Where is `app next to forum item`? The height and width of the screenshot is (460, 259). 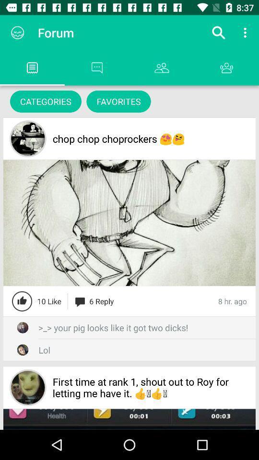
app next to forum item is located at coordinates (17, 33).